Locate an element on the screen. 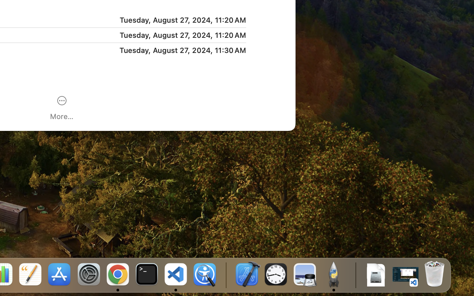 The image size is (474, 296). '0.4285714328289032' is located at coordinates (225, 275).